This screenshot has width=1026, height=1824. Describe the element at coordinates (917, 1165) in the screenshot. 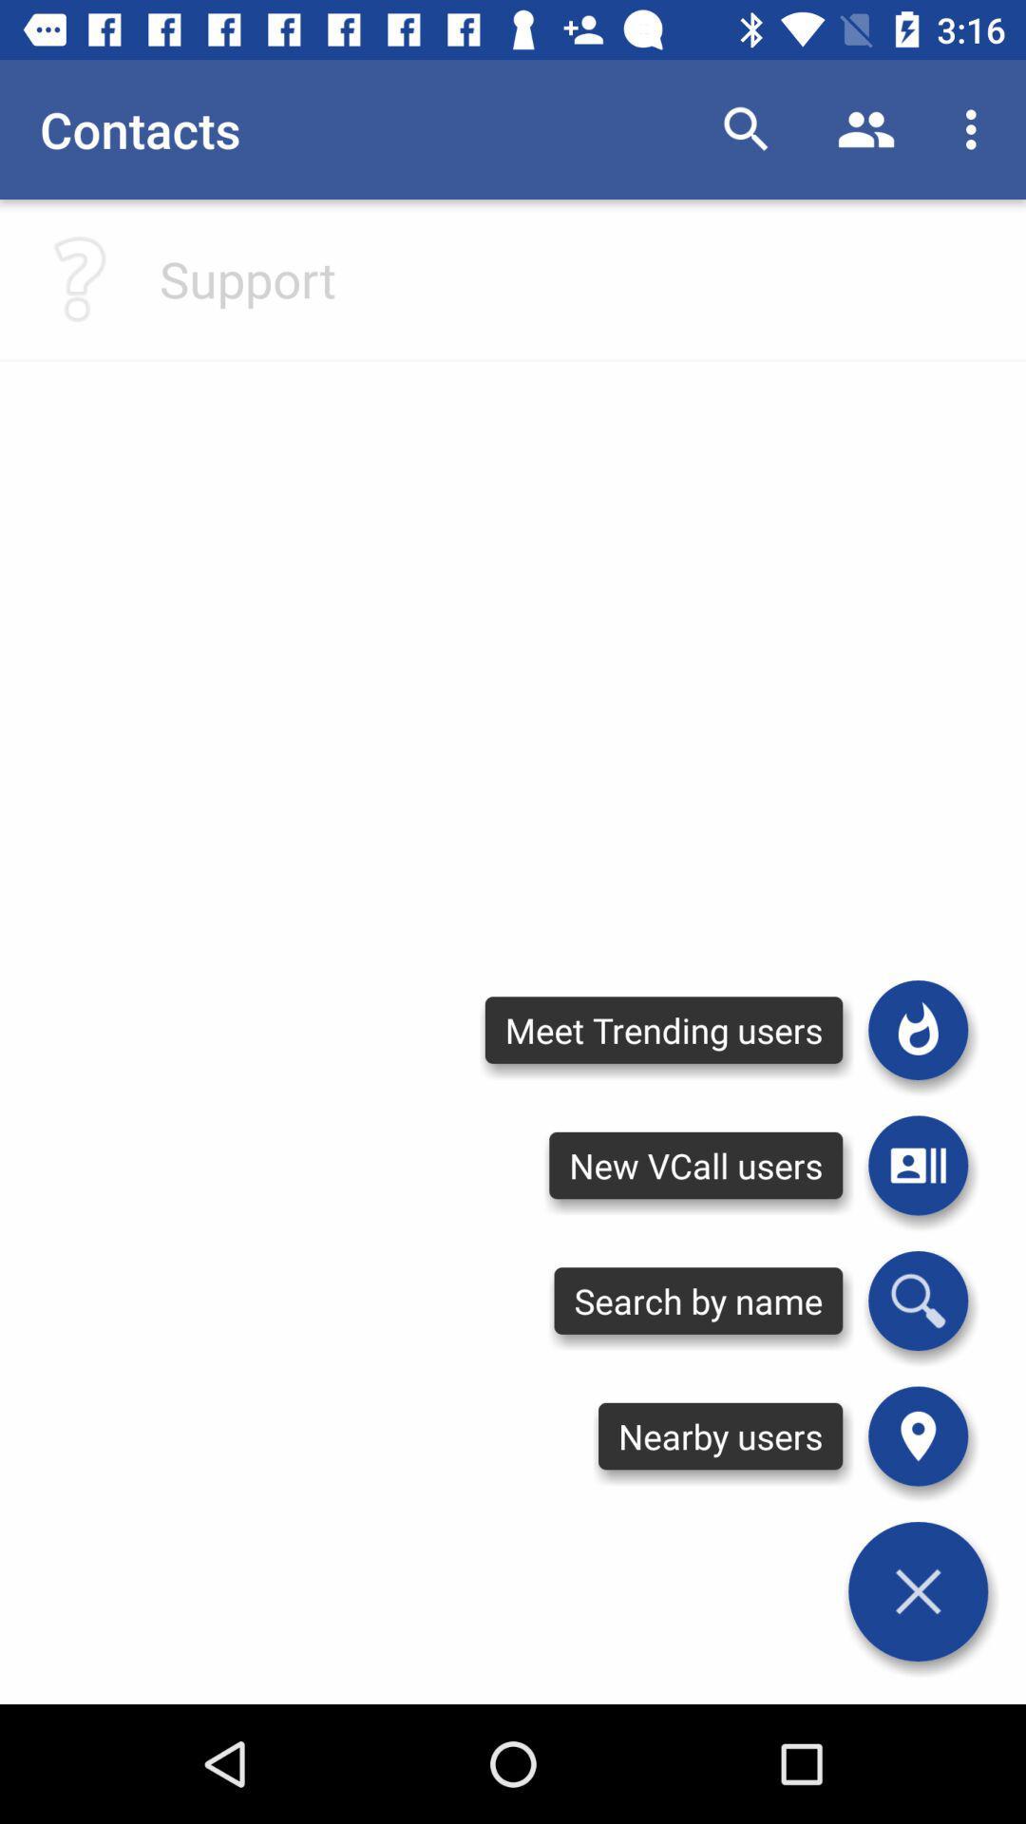

I see `open contacts` at that location.